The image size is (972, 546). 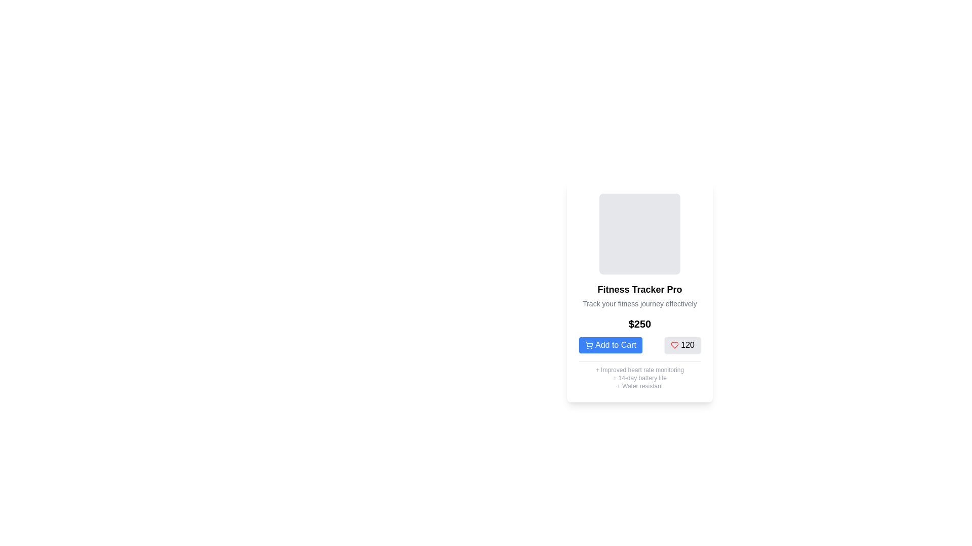 I want to click on the price Text label, which is positioned below the subtitle 'Track your fitness journey effectively' and above the 'Add to Cart' button, centrally aligned within the product details card, so click(x=639, y=324).